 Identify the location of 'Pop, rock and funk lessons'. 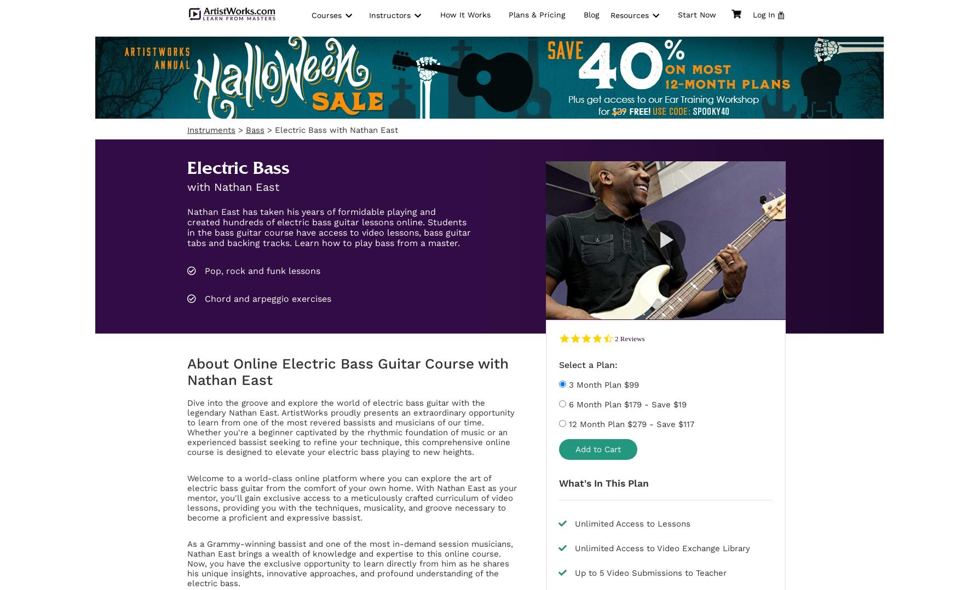
(201, 270).